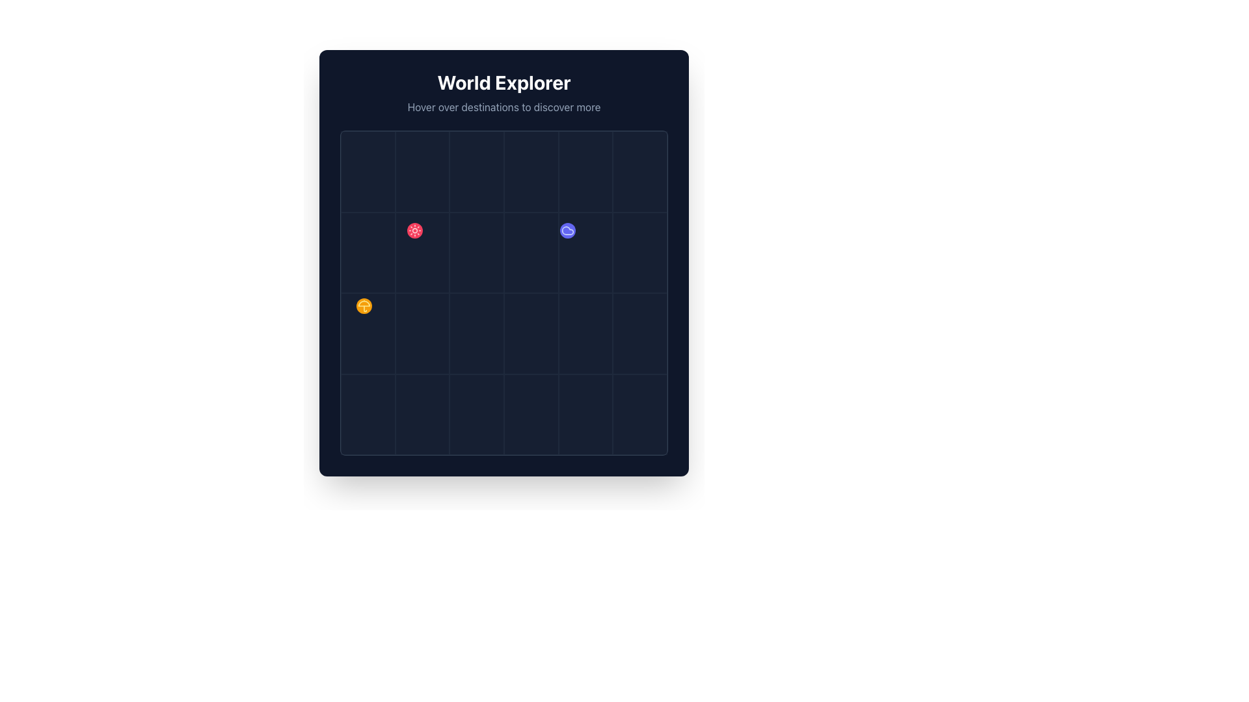 The height and width of the screenshot is (702, 1249). What do you see at coordinates (640, 171) in the screenshot?
I see `the grid cell located in the top-right corner of a 6-column by 4-row grid layout, specifically the sixth element in the first row` at bounding box center [640, 171].